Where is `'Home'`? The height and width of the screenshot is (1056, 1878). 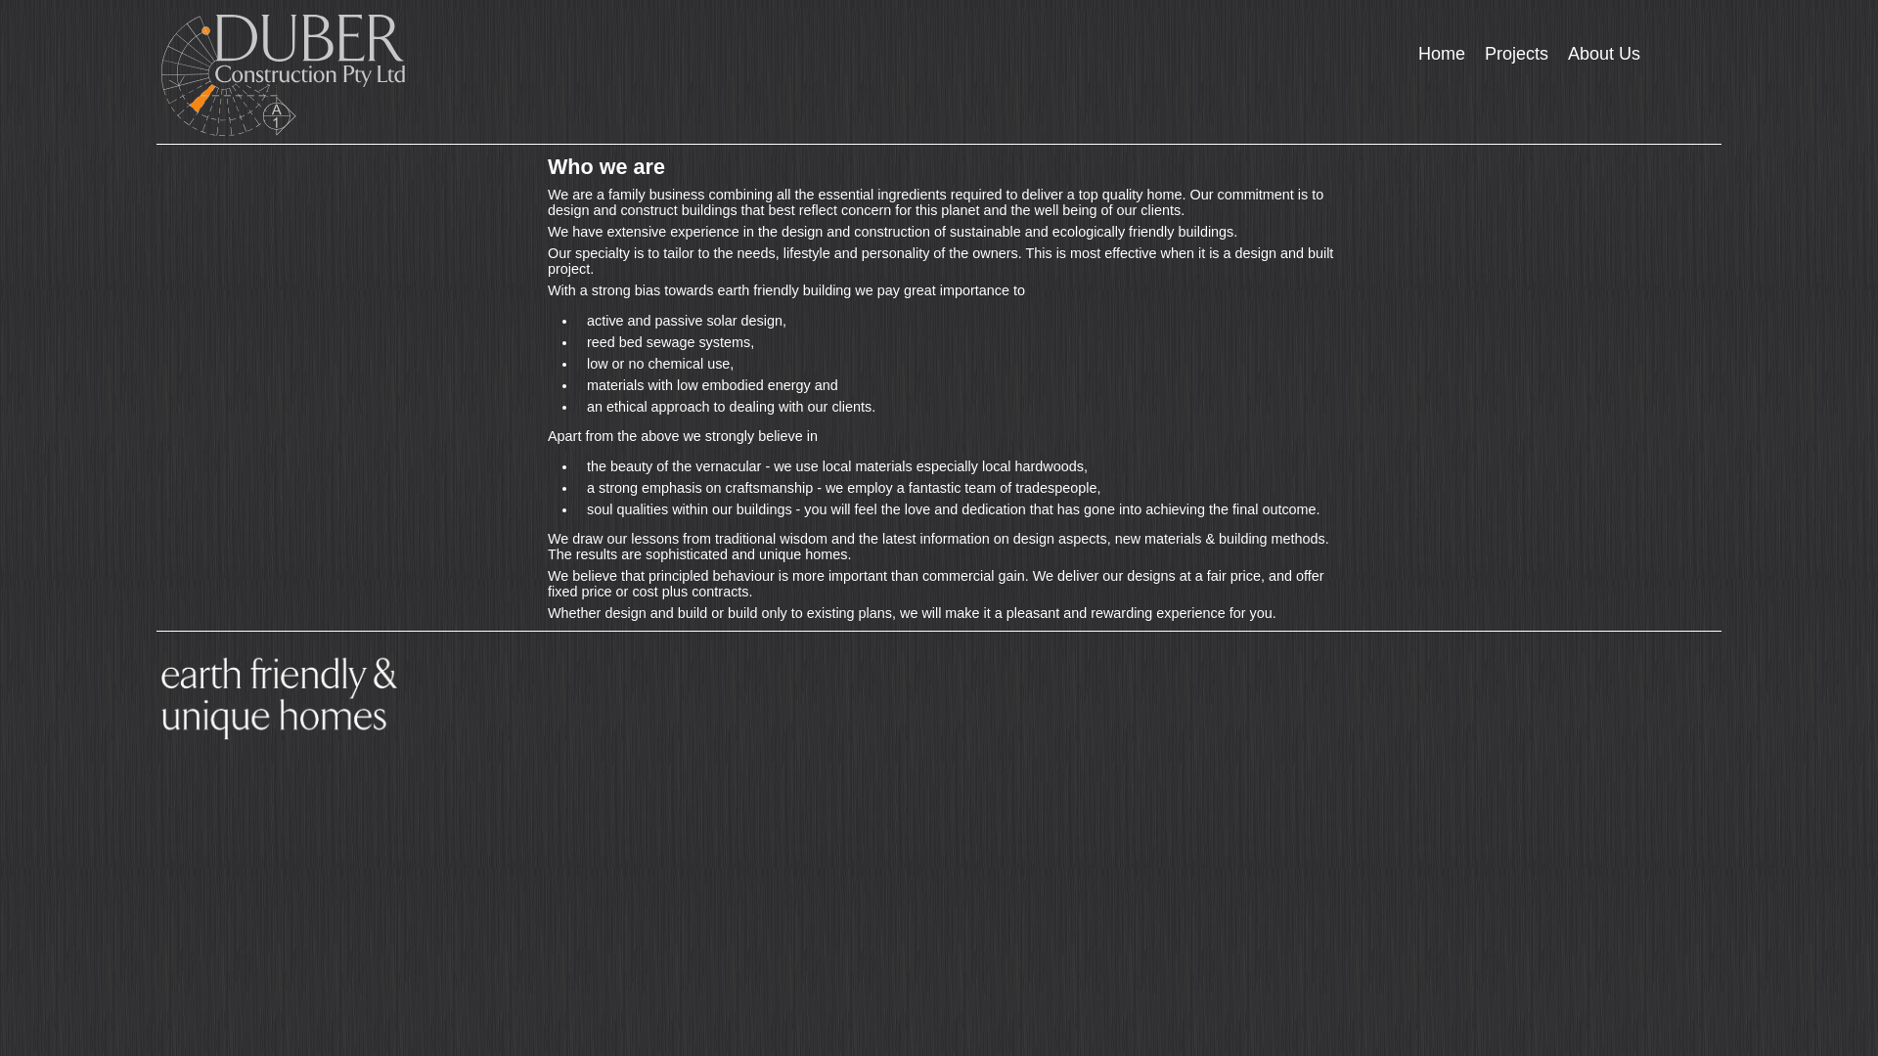 'Home' is located at coordinates (1441, 53).